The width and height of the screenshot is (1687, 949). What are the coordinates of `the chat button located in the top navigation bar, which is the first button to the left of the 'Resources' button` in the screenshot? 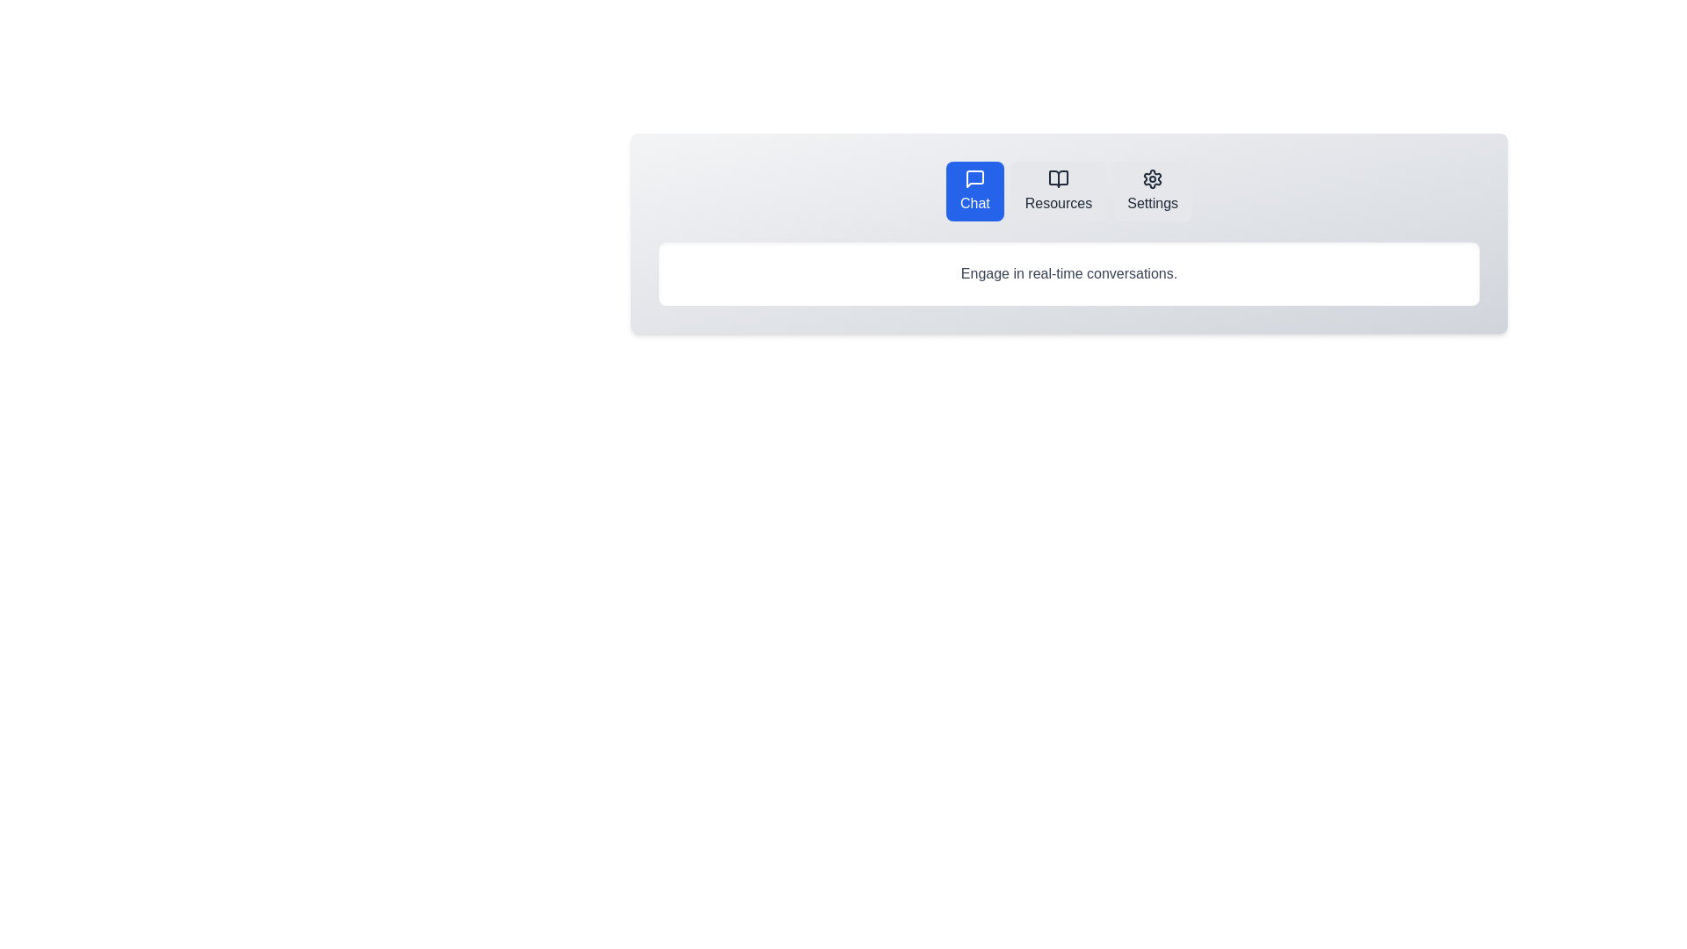 It's located at (974, 192).